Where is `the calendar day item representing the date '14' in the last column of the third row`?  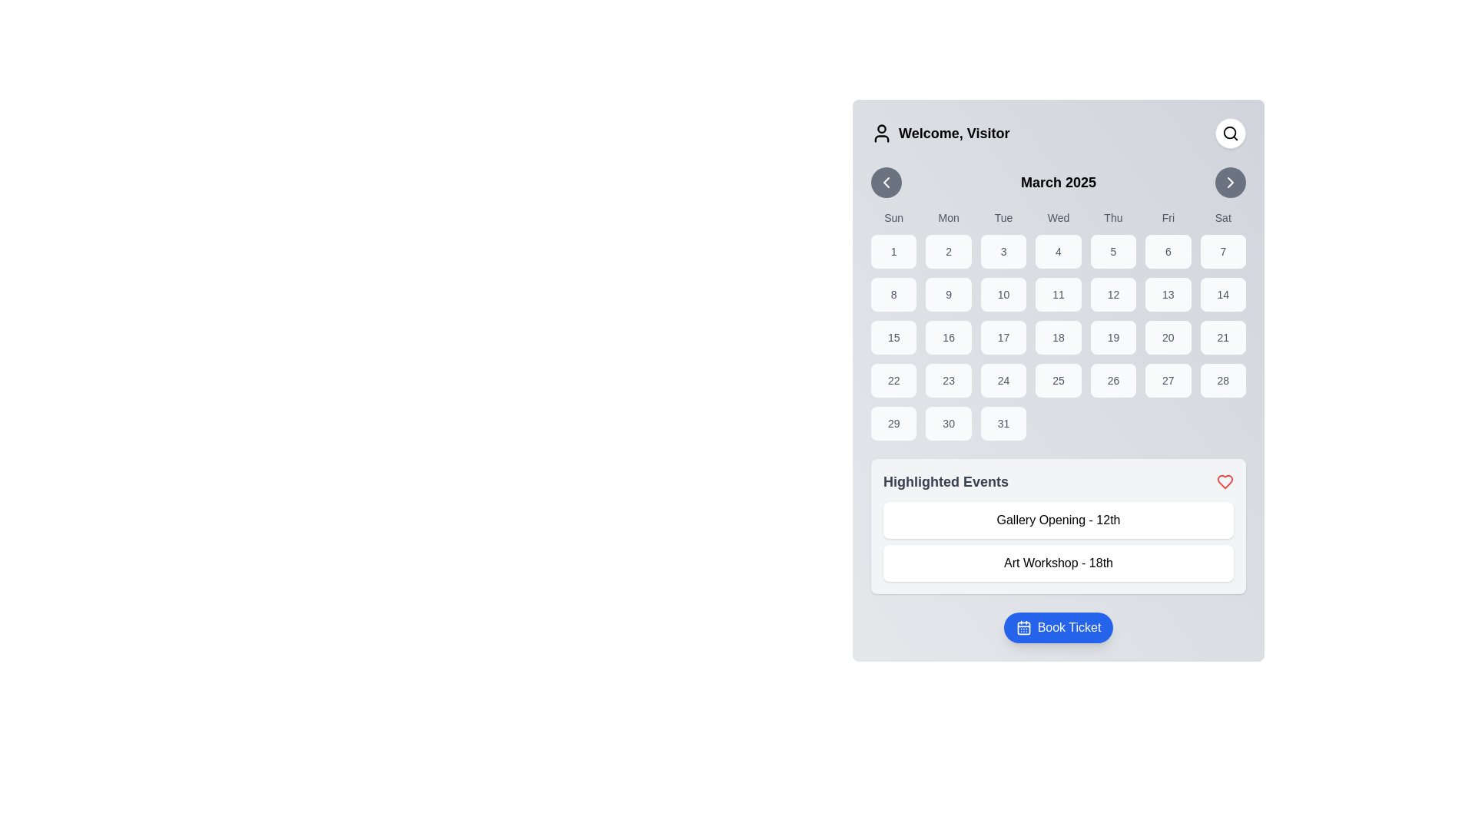 the calendar day item representing the date '14' in the last column of the third row is located at coordinates (1222, 295).